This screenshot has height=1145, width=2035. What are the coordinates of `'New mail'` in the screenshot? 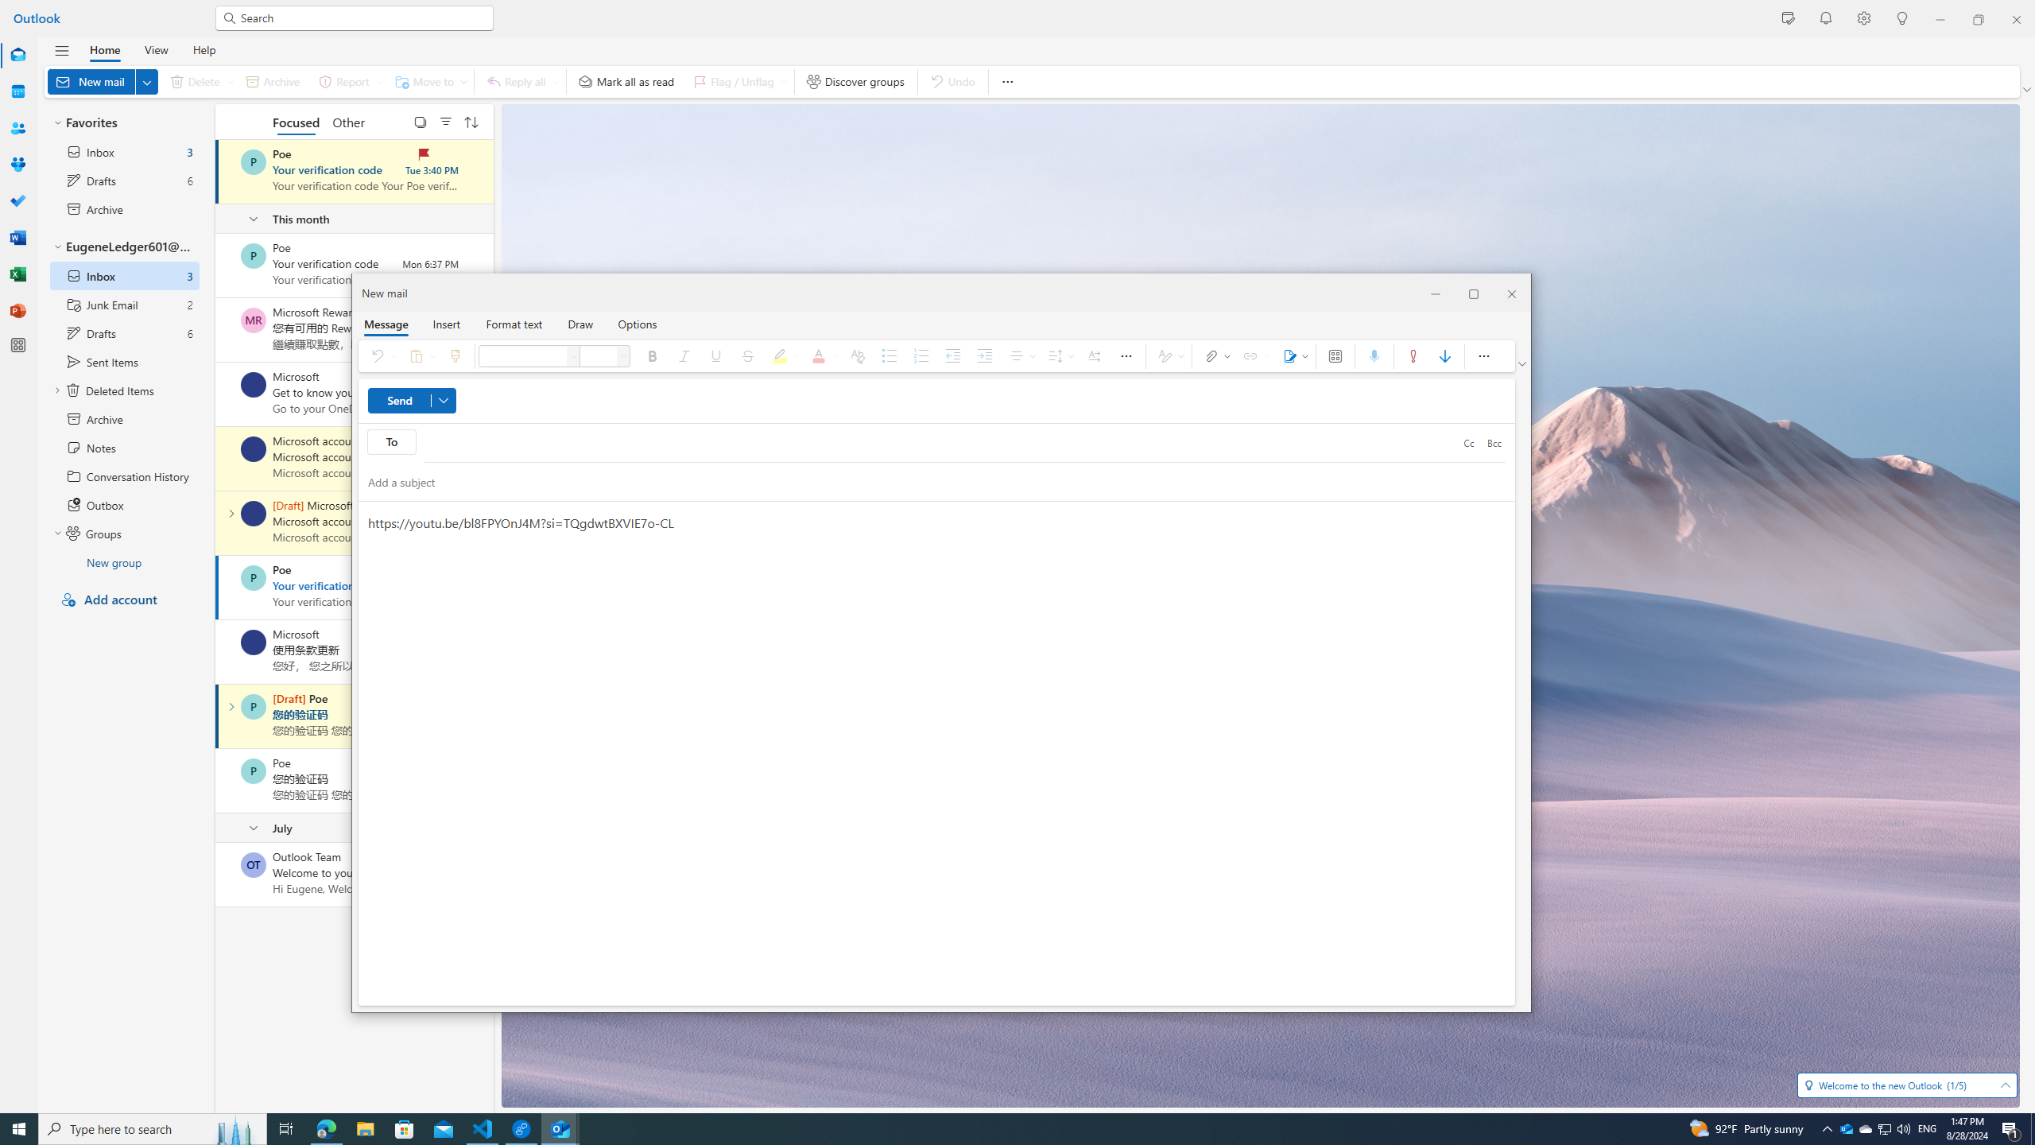 It's located at (103, 81).